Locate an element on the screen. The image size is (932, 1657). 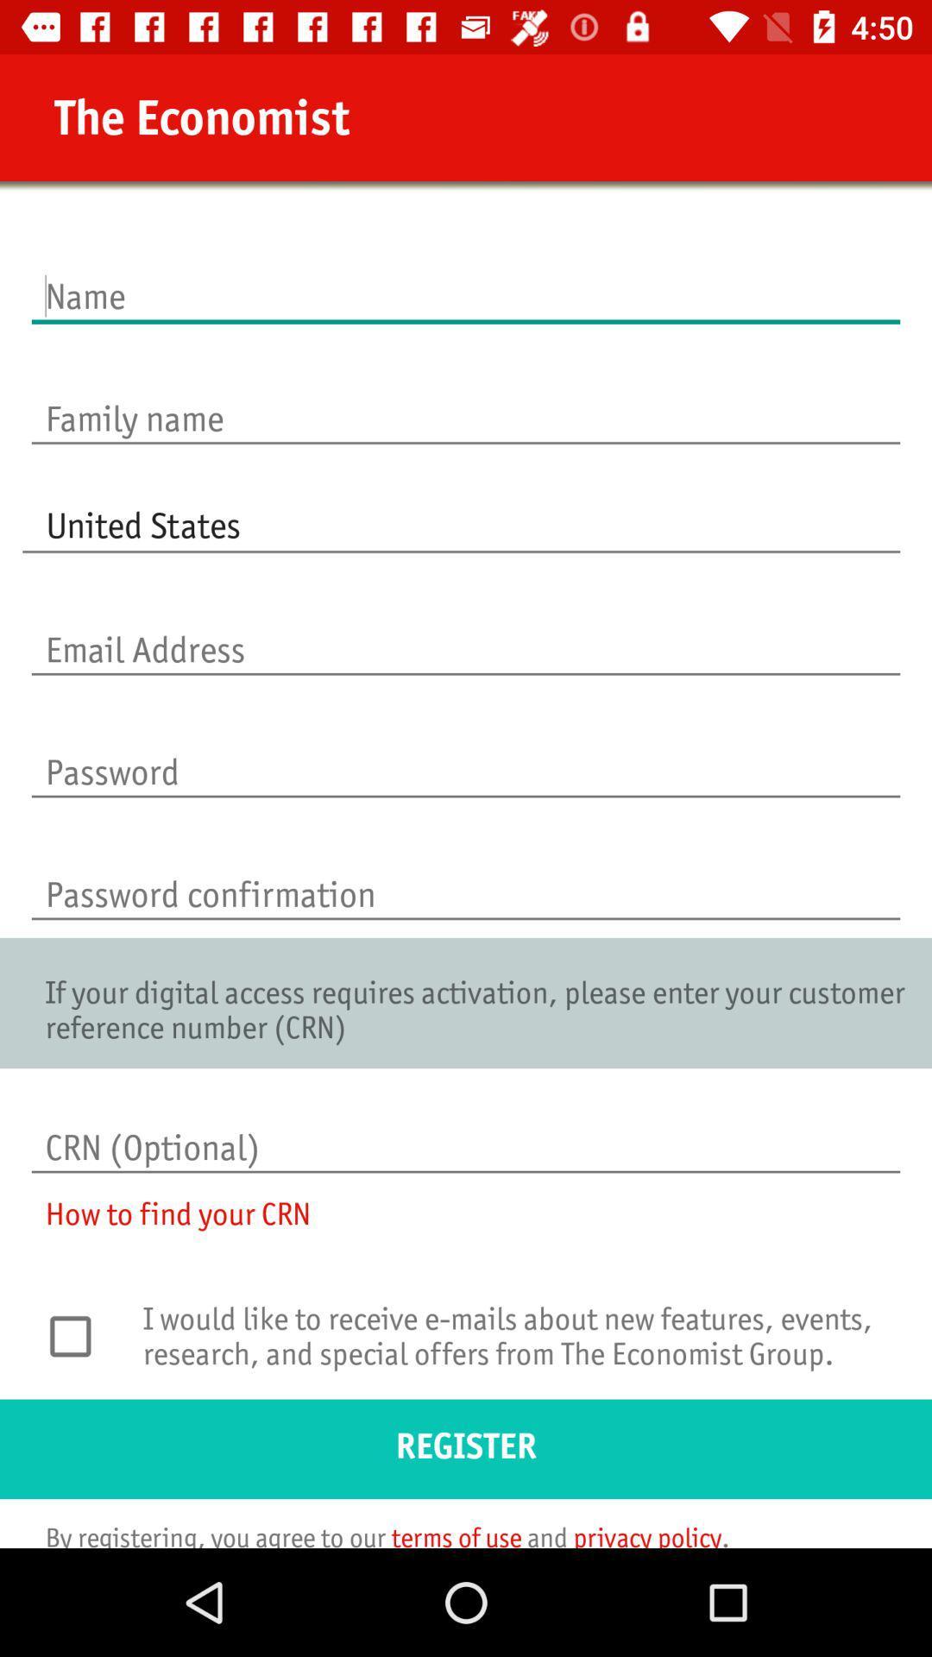
the icon to the left of i would like icon is located at coordinates (79, 1335).